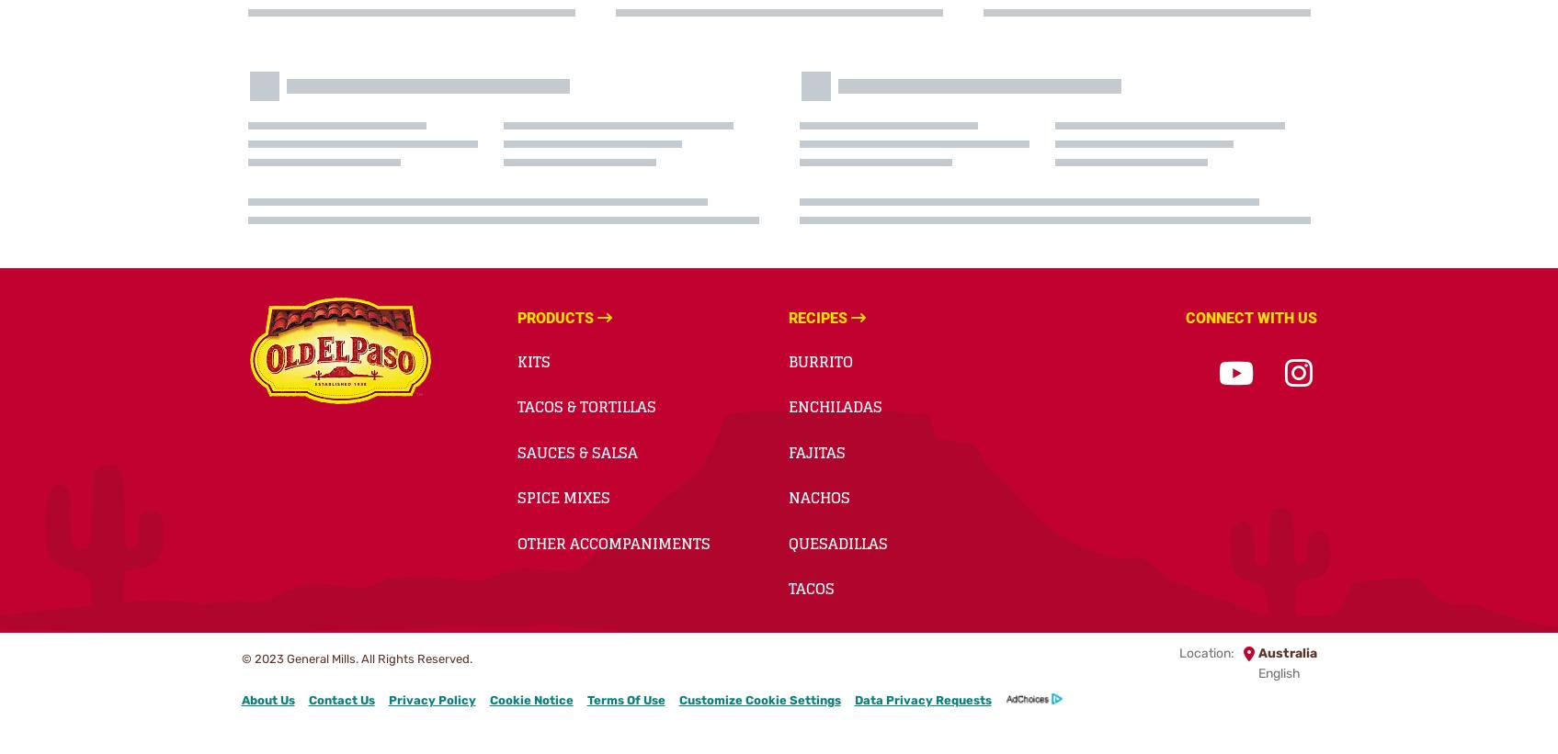 This screenshot has width=1558, height=754. Describe the element at coordinates (819, 360) in the screenshot. I see `'Burrito'` at that location.